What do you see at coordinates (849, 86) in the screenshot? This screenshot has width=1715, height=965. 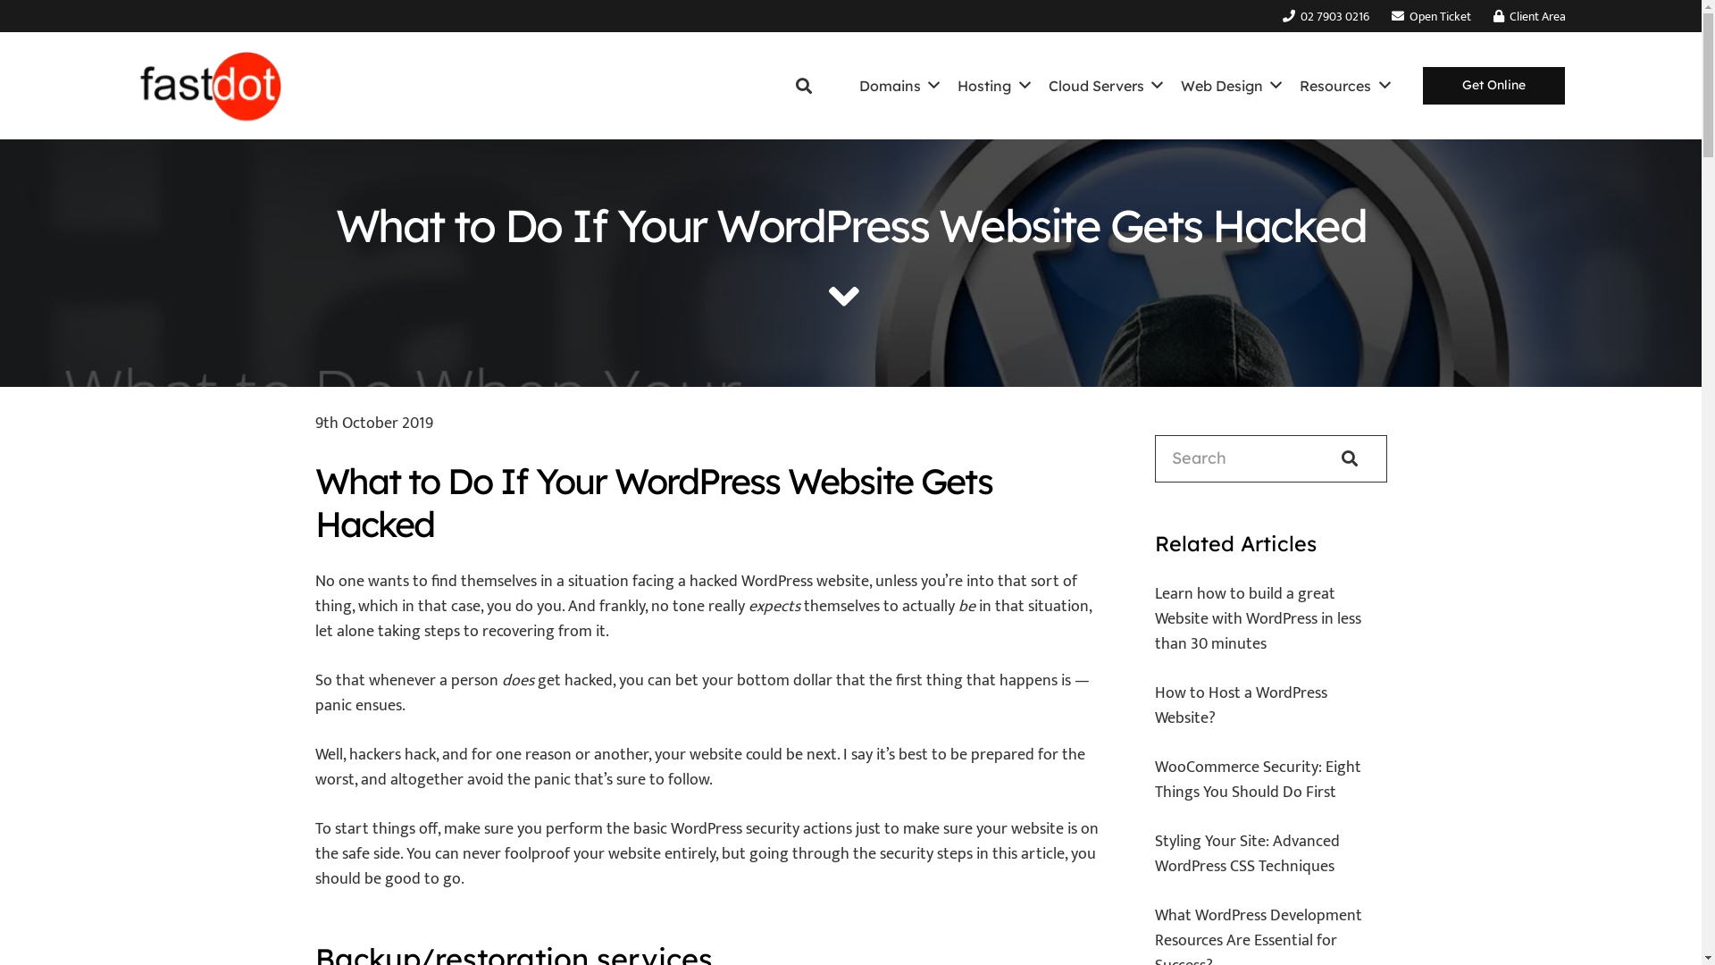 I see `'Domains'` at bounding box center [849, 86].